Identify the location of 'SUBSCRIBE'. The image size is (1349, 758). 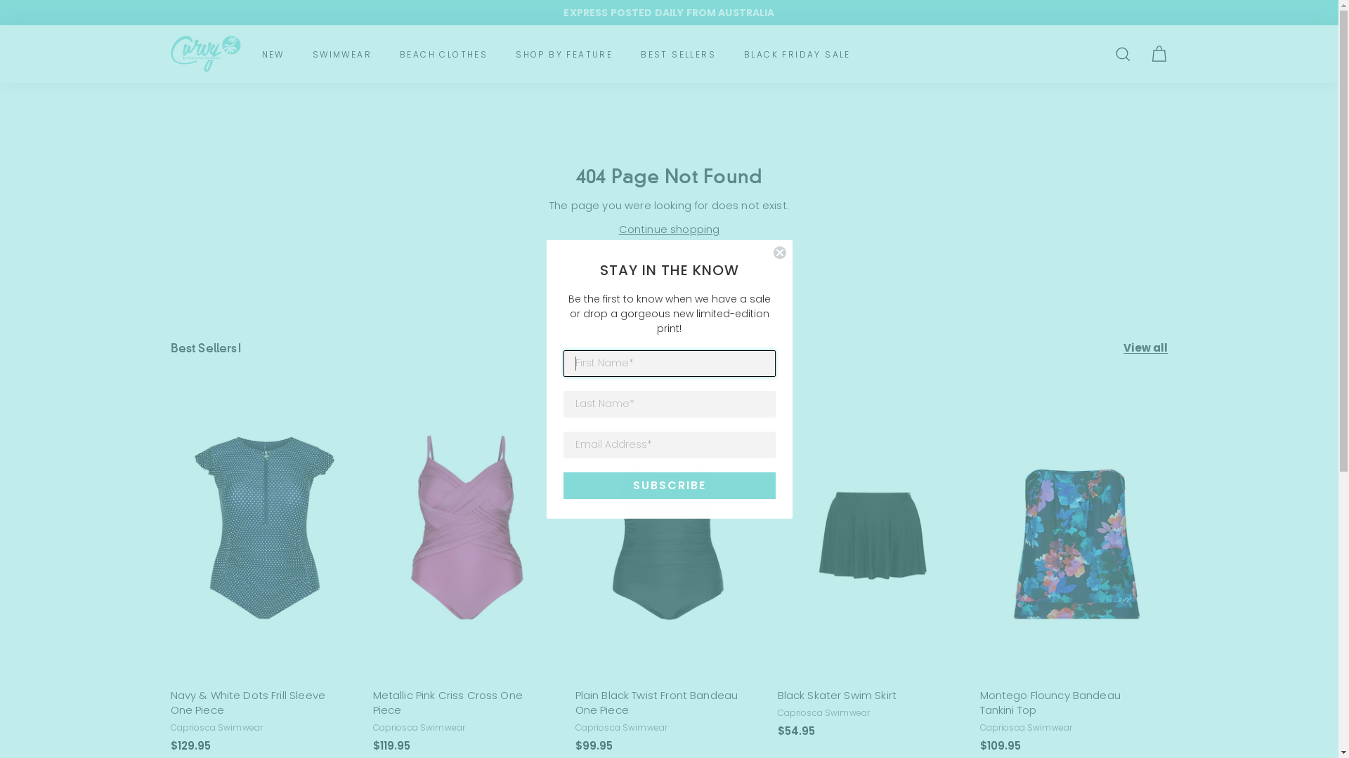
(563, 484).